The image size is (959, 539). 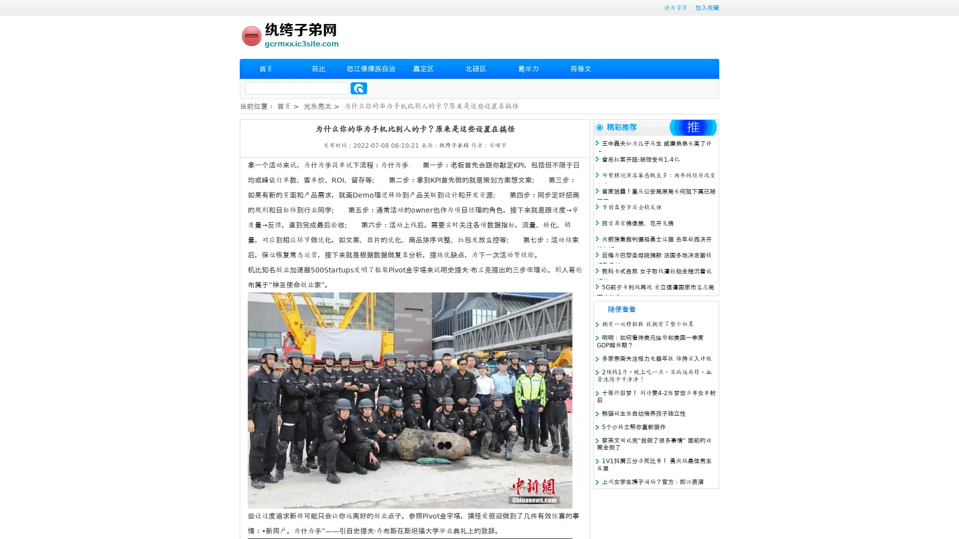 I want to click on Search, so click(x=359, y=88).